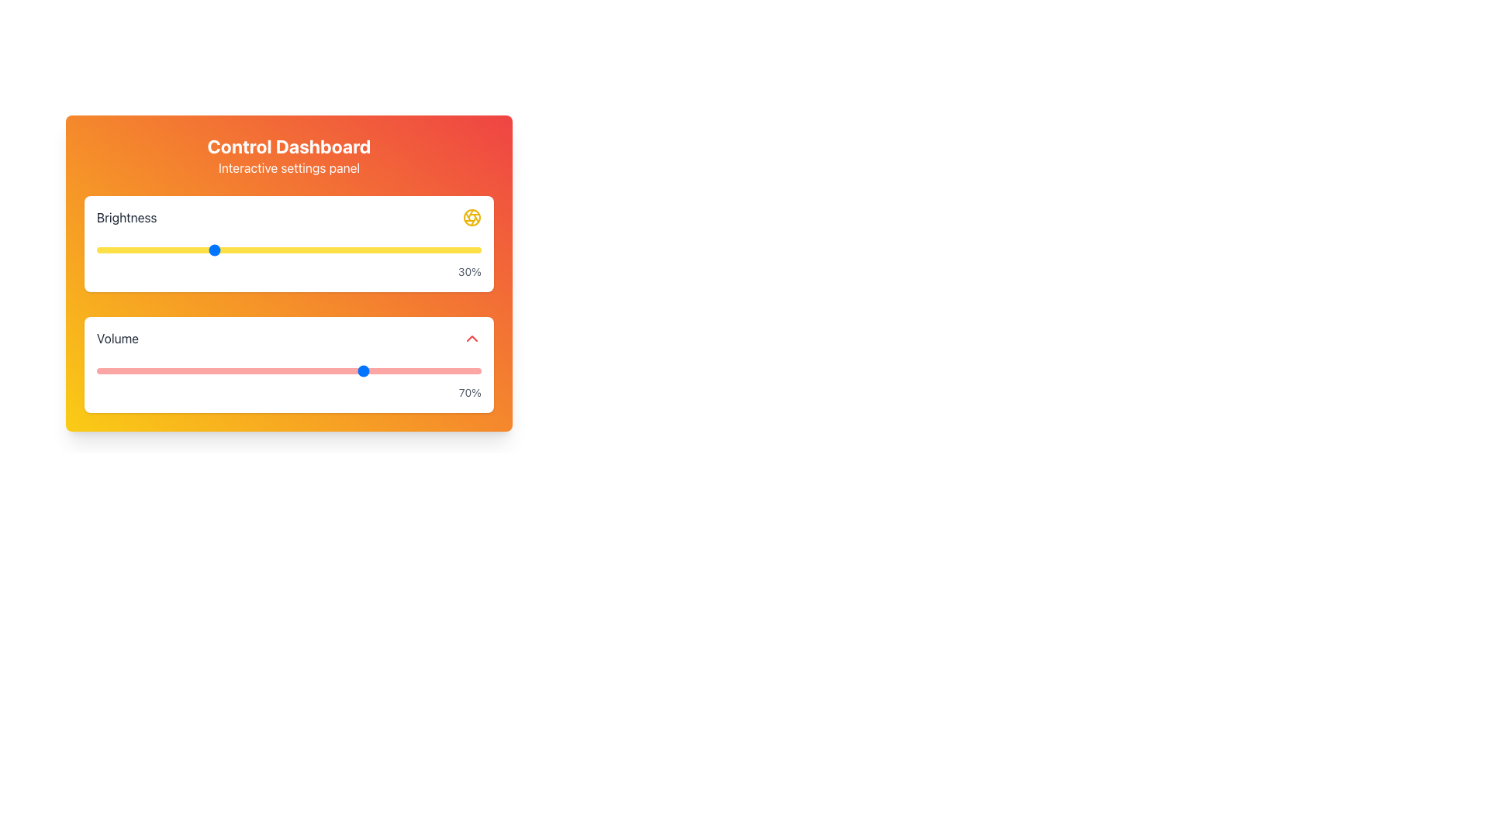 Image resolution: width=1489 pixels, height=837 pixels. Describe the element at coordinates (378, 370) in the screenshot. I see `the volume slider` at that location.